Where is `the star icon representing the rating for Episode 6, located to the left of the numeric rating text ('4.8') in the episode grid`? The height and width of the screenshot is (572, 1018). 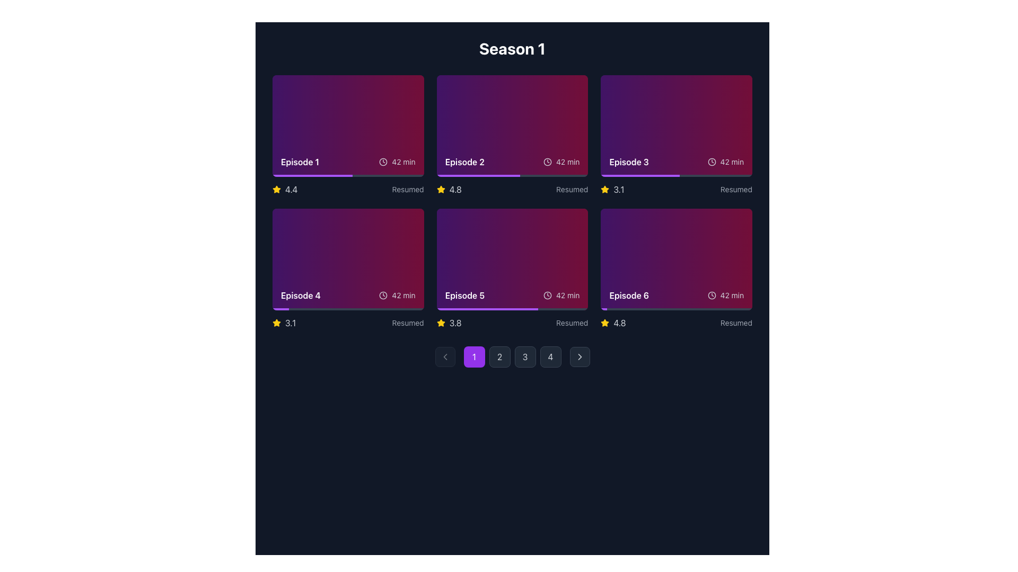
the star icon representing the rating for Episode 6, located to the left of the numeric rating text ('4.8') in the episode grid is located at coordinates (605, 322).